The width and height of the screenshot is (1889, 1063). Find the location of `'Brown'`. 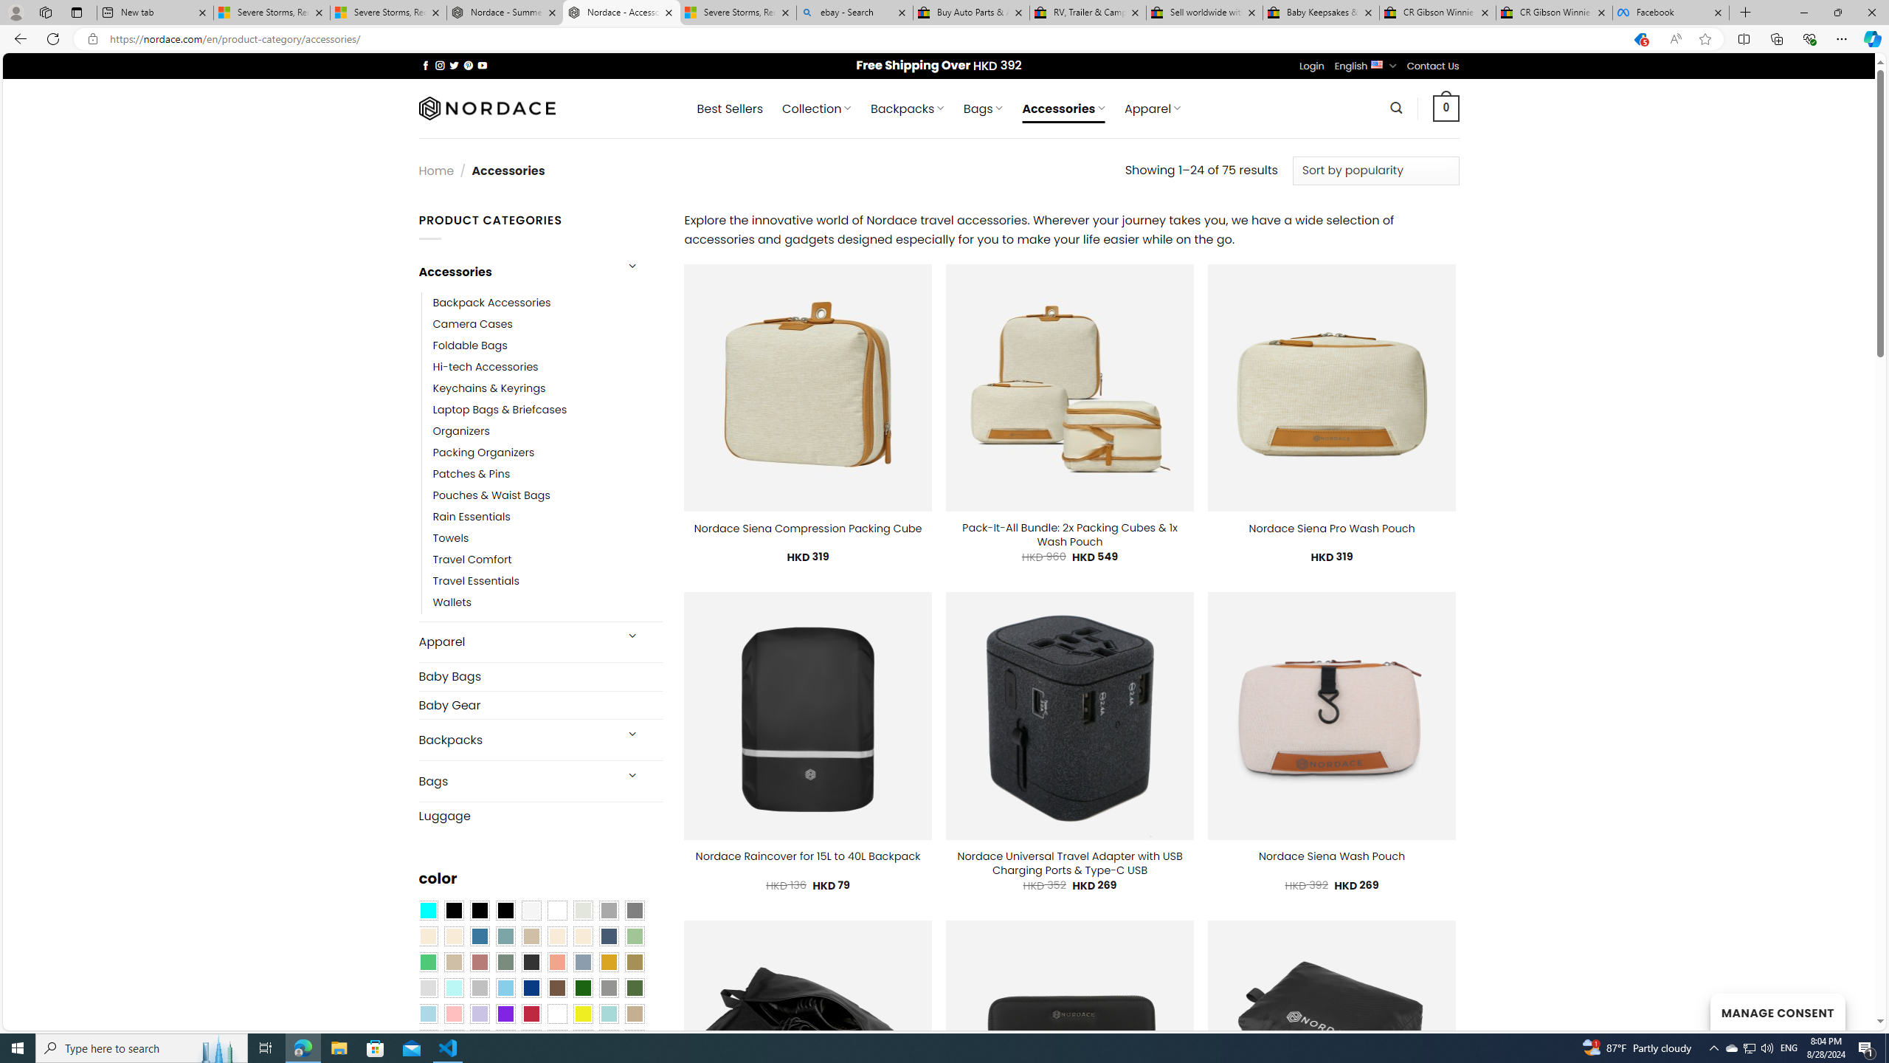

'Brown' is located at coordinates (556, 988).